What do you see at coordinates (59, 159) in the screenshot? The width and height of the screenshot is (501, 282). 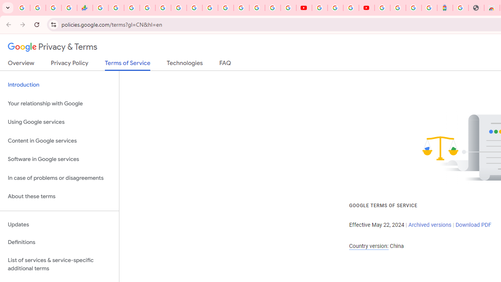 I see `'Software in Google services'` at bounding box center [59, 159].